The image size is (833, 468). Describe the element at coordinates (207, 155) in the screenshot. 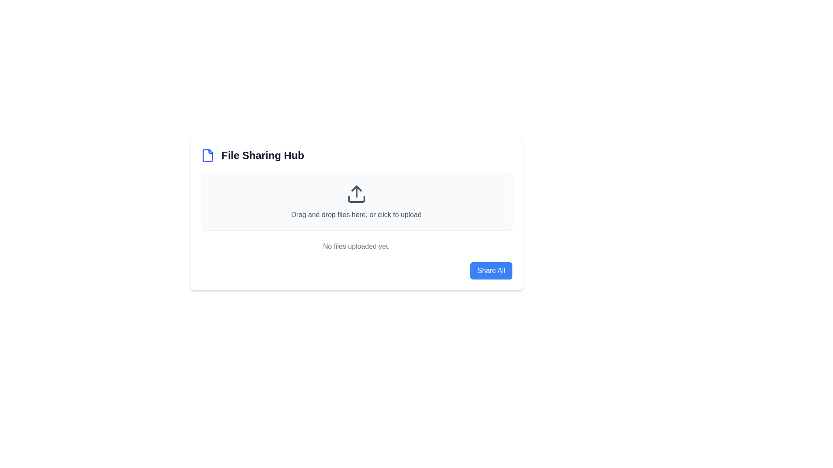

I see `the file-sharing icon located immediately to the left of the 'File Sharing Hub' text if it is interactive` at that location.